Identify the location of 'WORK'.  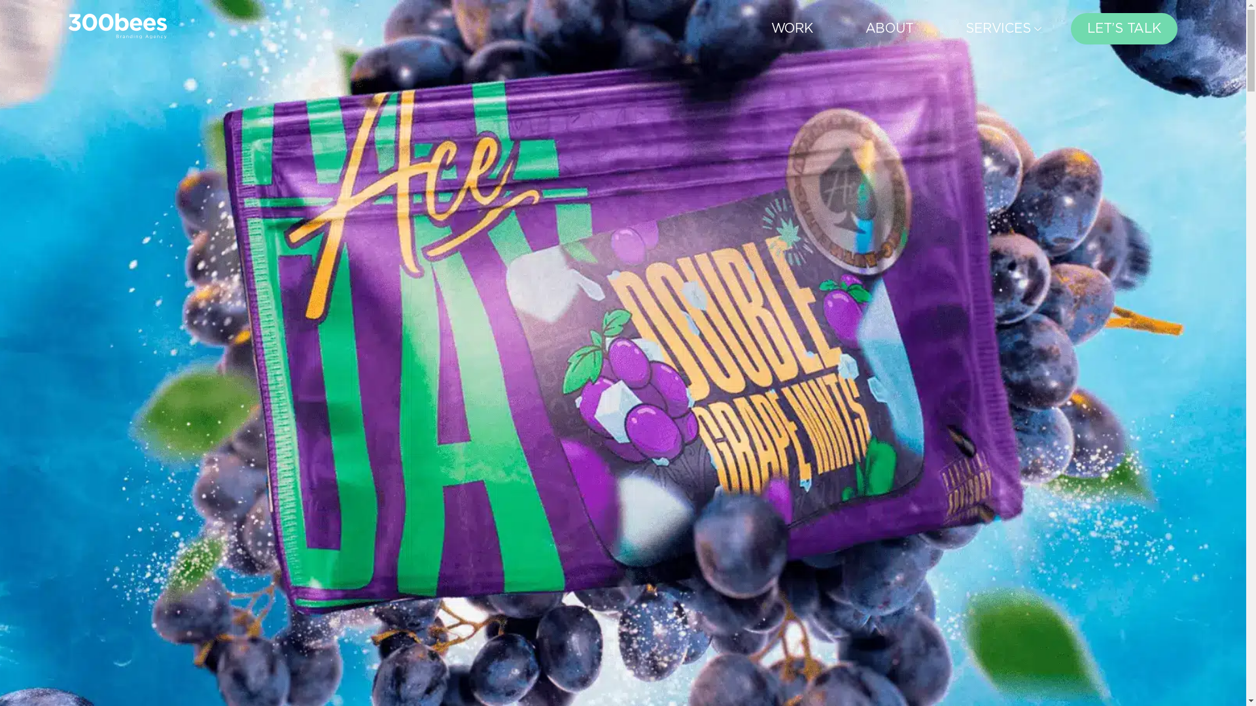
(791, 28).